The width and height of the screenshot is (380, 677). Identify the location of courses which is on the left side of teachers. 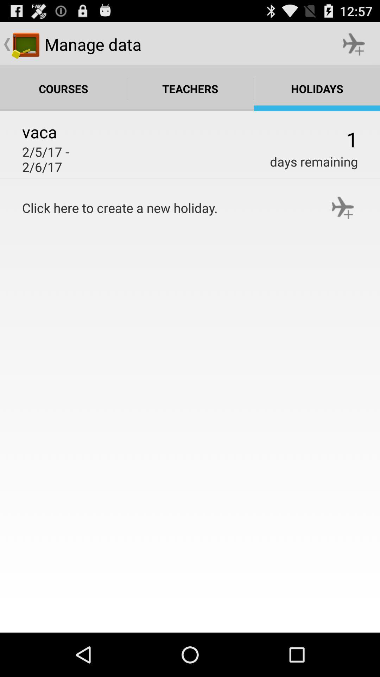
(64, 89).